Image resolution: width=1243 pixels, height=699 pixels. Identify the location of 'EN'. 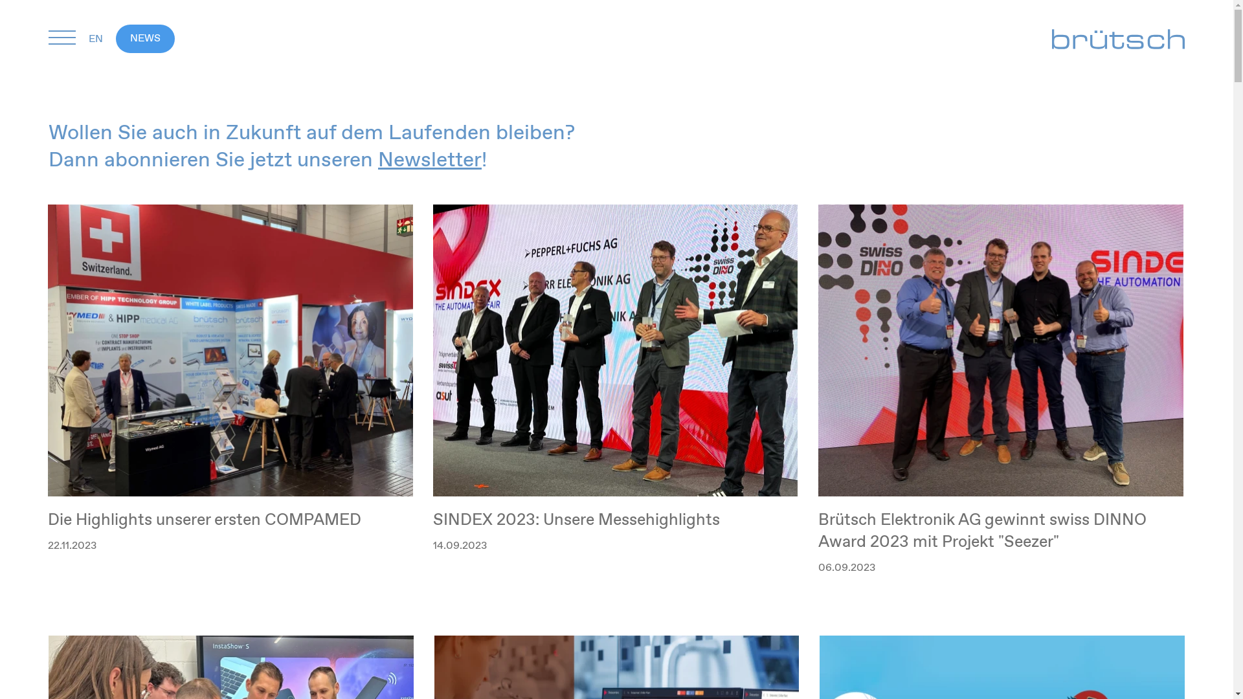
(102, 38).